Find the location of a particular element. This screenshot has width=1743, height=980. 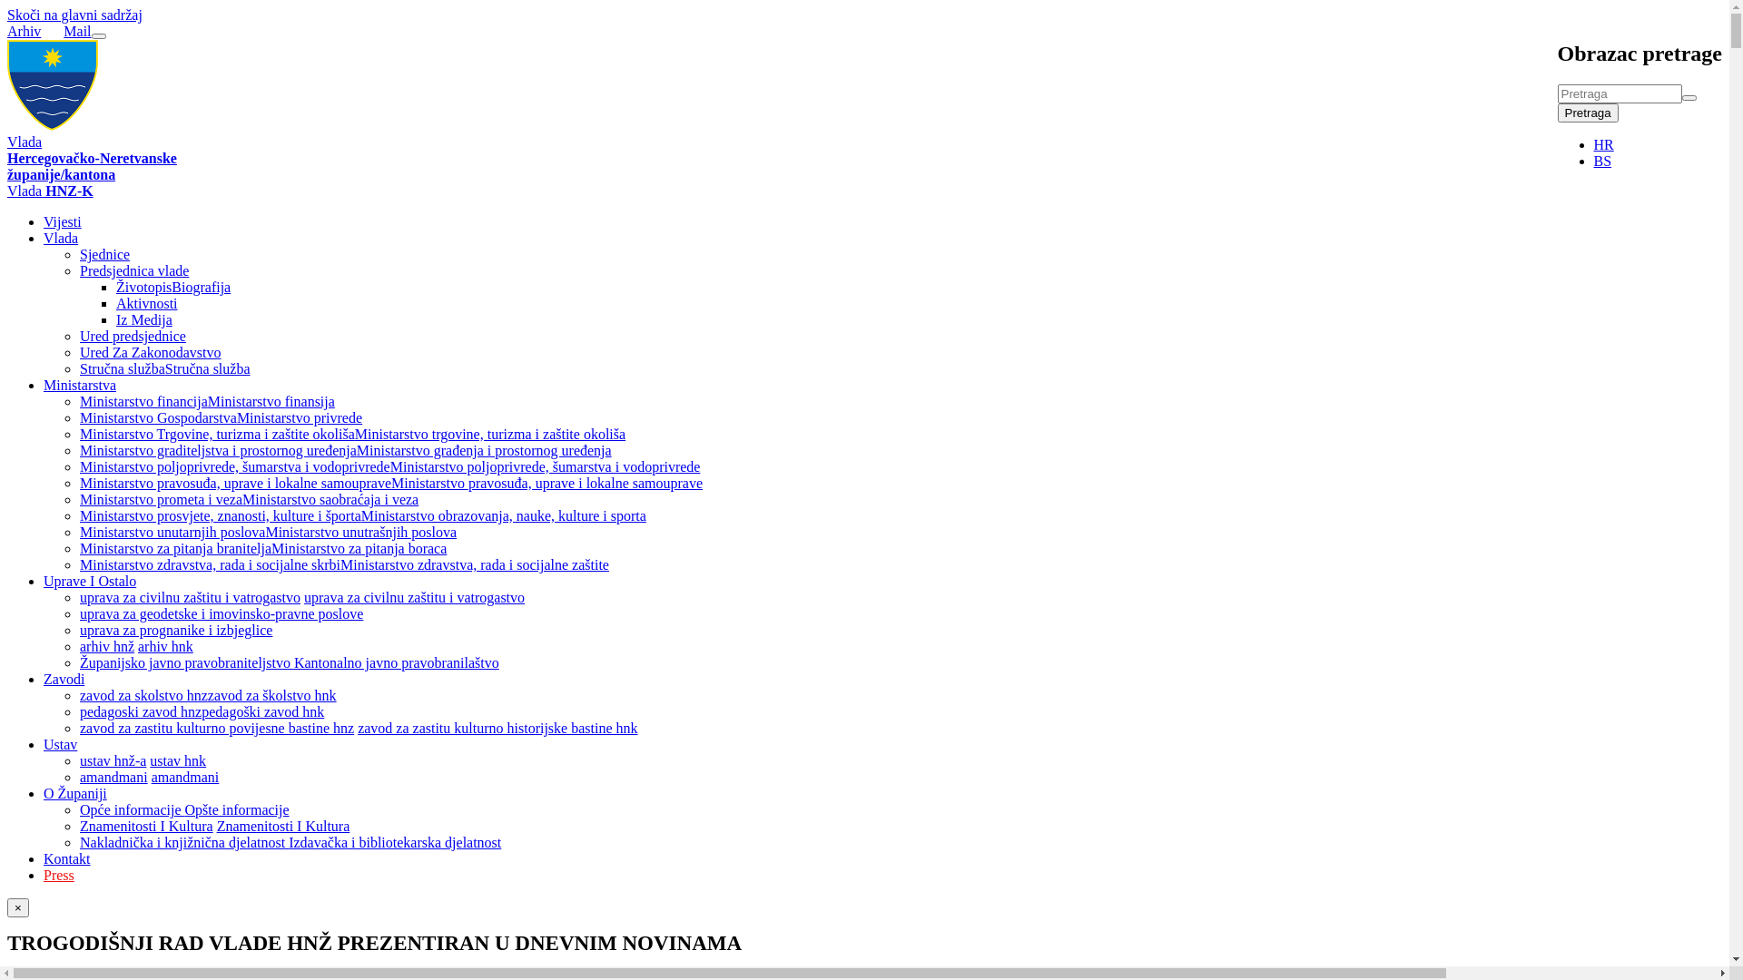

'Ustav' is located at coordinates (60, 744).